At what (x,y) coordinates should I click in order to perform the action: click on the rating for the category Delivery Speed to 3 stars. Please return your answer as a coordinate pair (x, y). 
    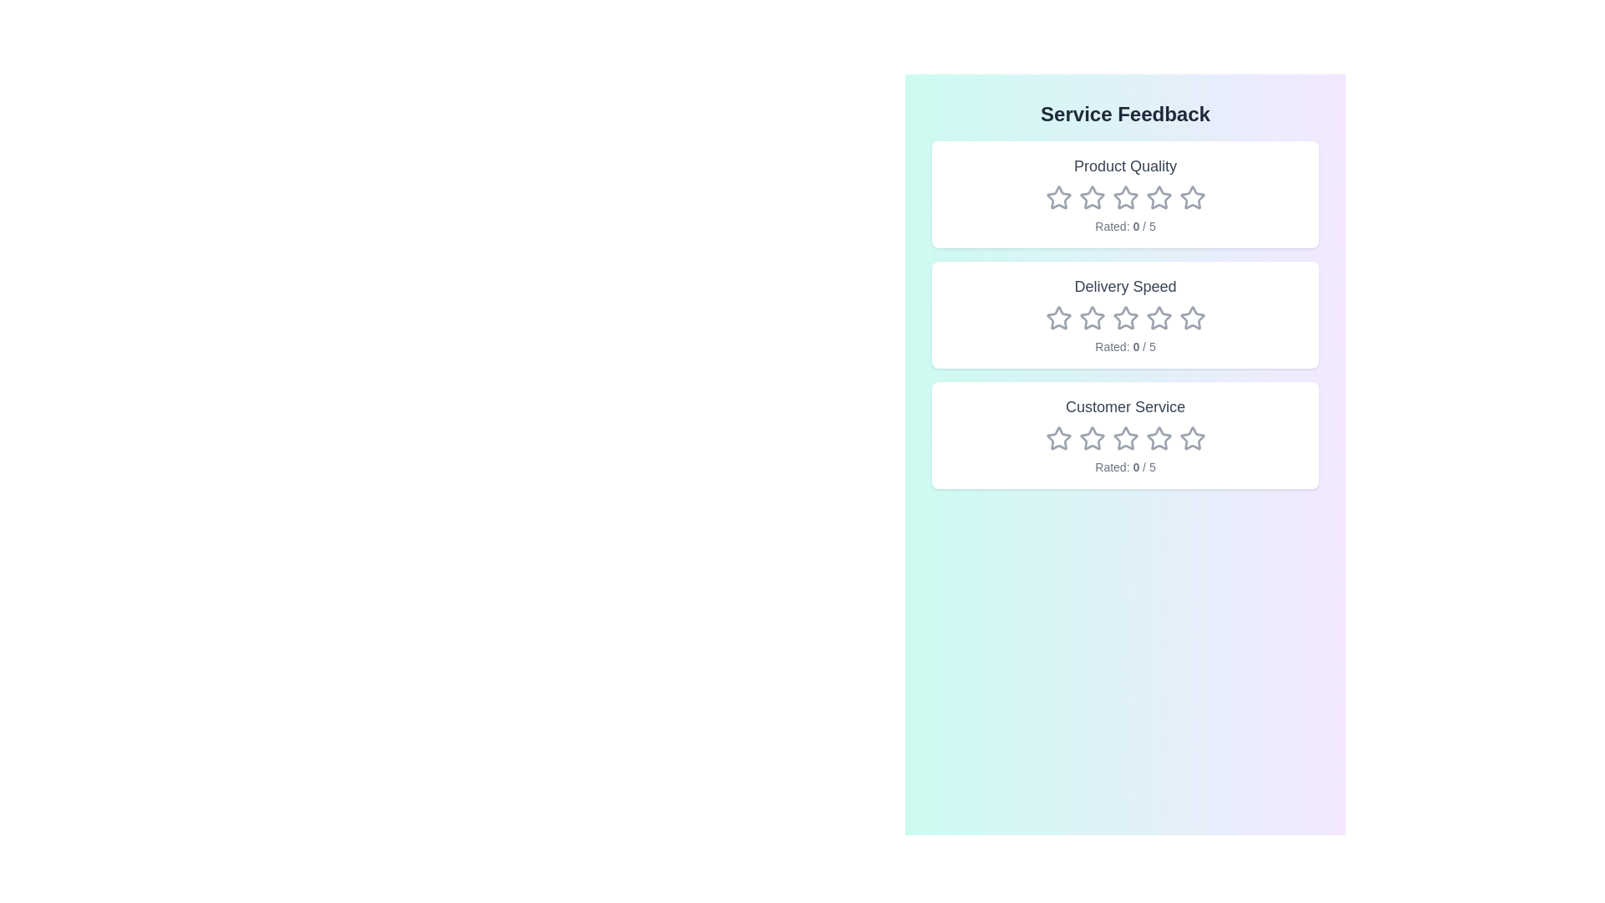
    Looking at the image, I should click on (1125, 319).